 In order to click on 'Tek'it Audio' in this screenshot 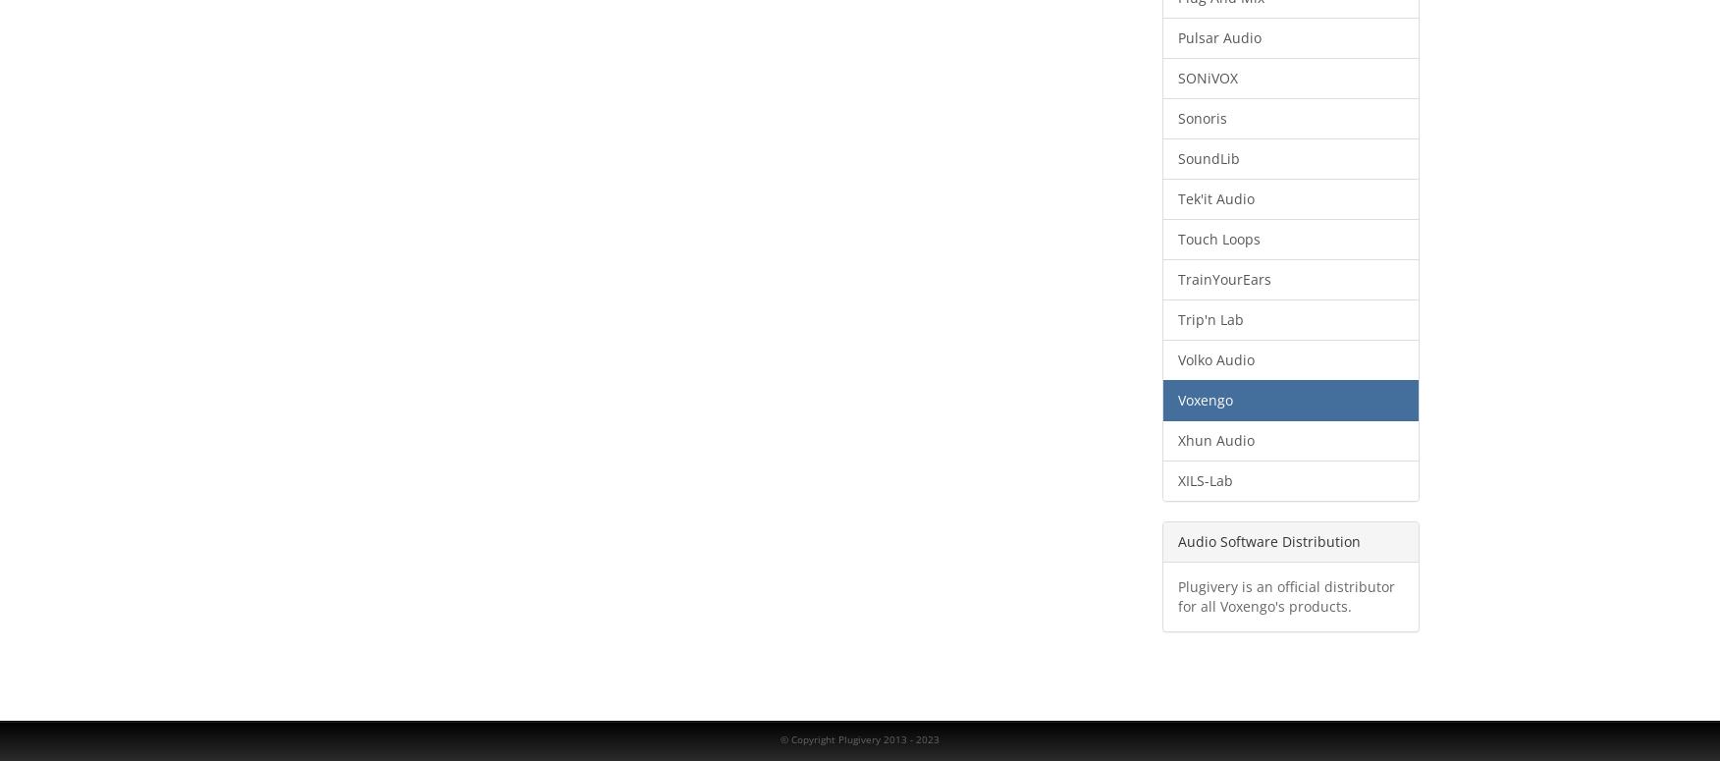, I will do `click(1214, 198)`.